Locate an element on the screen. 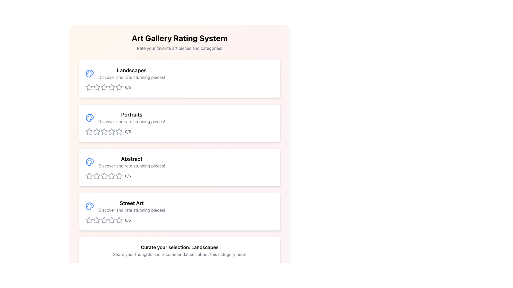 The height and width of the screenshot is (288, 513). the fourth star icon in the 'Street Art' rating section is located at coordinates (104, 220).